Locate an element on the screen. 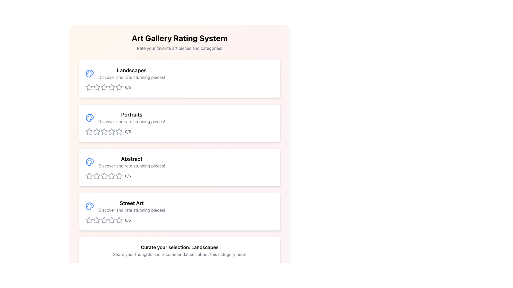 The height and width of the screenshot is (288, 513). the fourth star icon in the 'Street Art' rating section is located at coordinates (104, 220).